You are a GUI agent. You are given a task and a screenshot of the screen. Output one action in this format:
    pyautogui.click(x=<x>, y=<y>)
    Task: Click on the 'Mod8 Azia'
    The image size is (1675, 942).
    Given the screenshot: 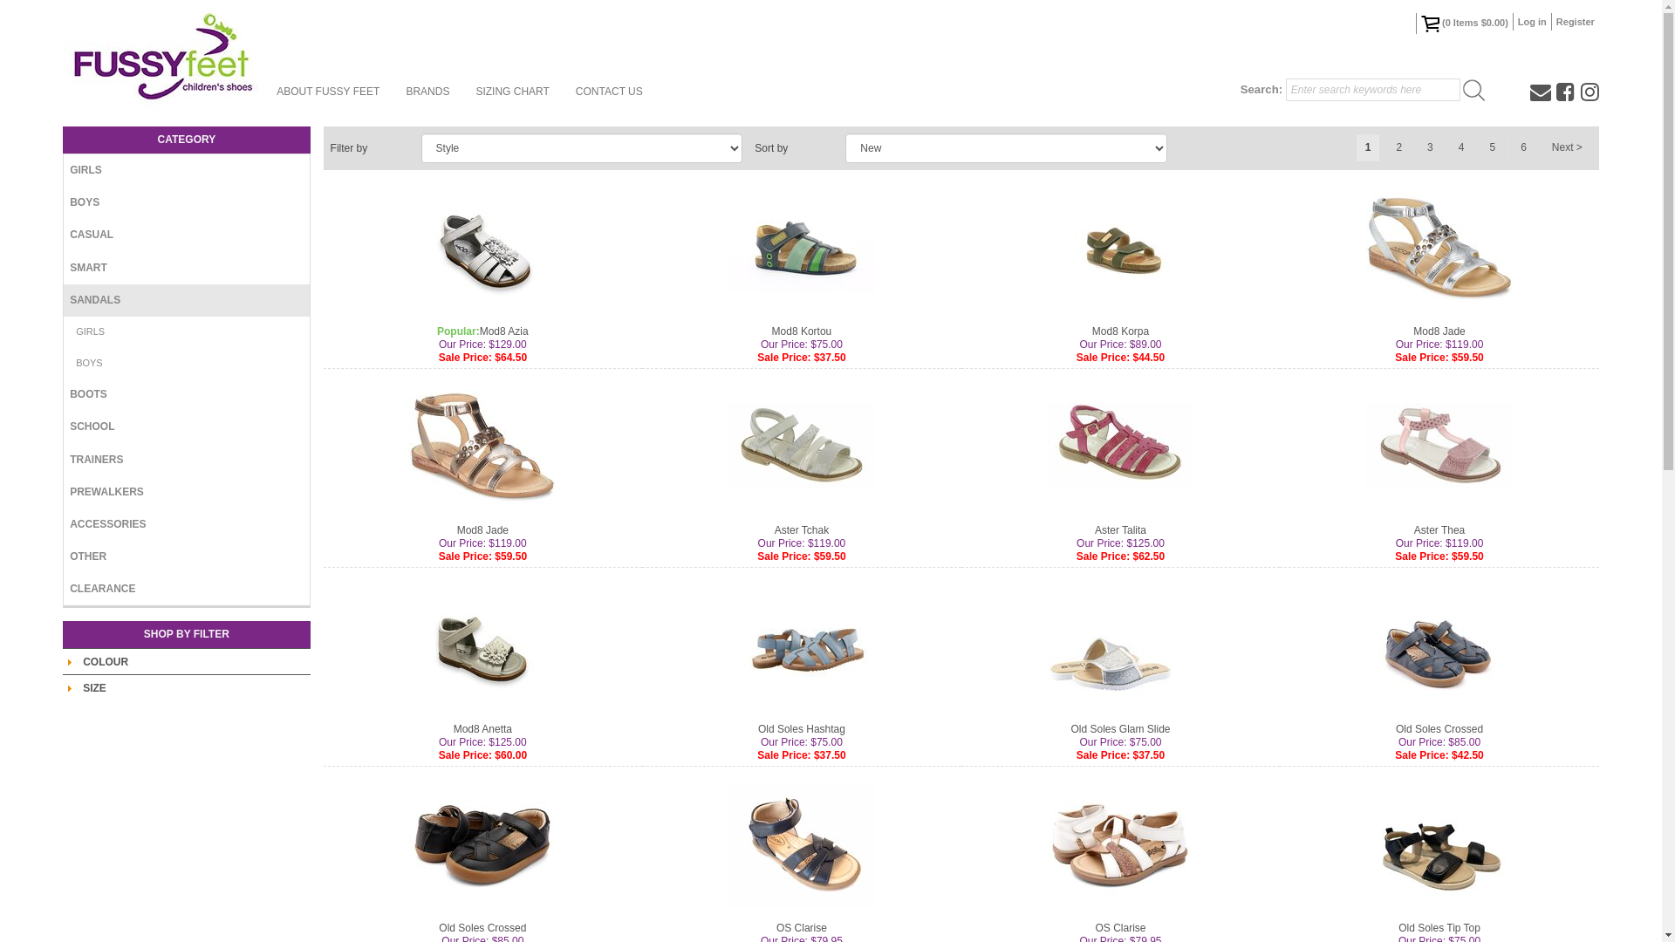 What is the action you would take?
    pyautogui.click(x=502, y=331)
    